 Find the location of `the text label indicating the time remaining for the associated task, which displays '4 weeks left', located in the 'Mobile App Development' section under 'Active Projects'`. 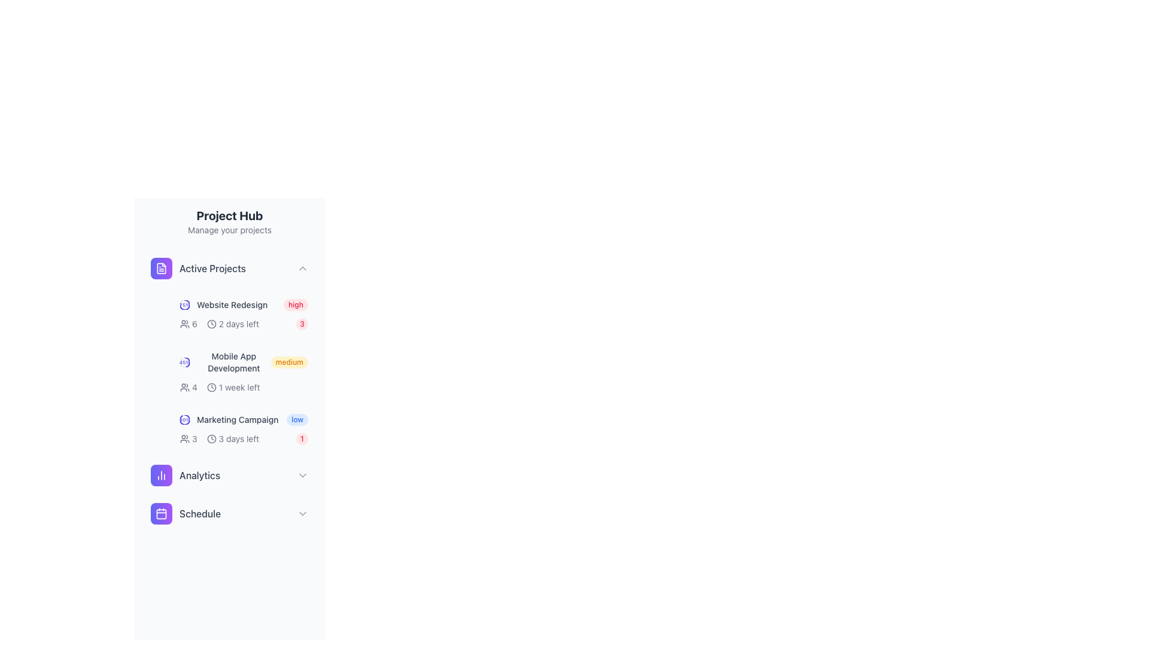

the text label indicating the time remaining for the associated task, which displays '4 weeks left', located in the 'Mobile App Development' section under 'Active Projects' is located at coordinates (220, 388).